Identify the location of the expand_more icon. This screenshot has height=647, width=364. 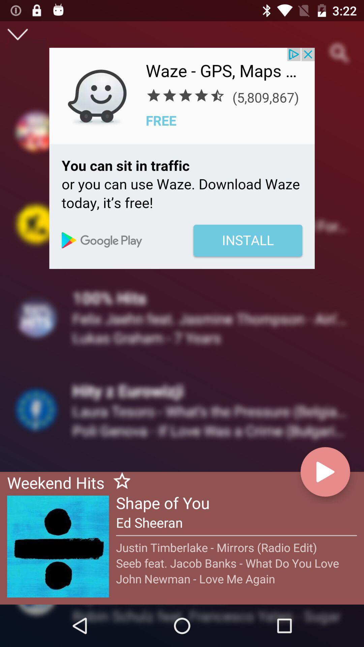
(17, 34).